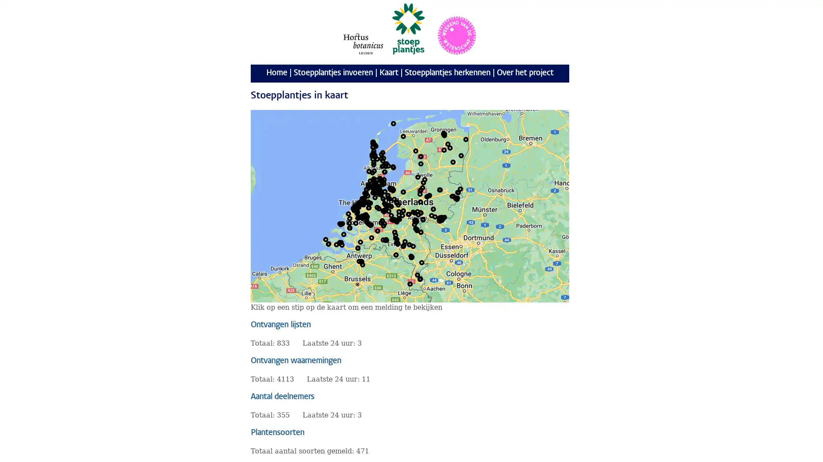 The height and width of the screenshot is (462, 823). What do you see at coordinates (350, 227) in the screenshot?
I see `Telling van Carmen en de gang op 31 mei 2022` at bounding box center [350, 227].